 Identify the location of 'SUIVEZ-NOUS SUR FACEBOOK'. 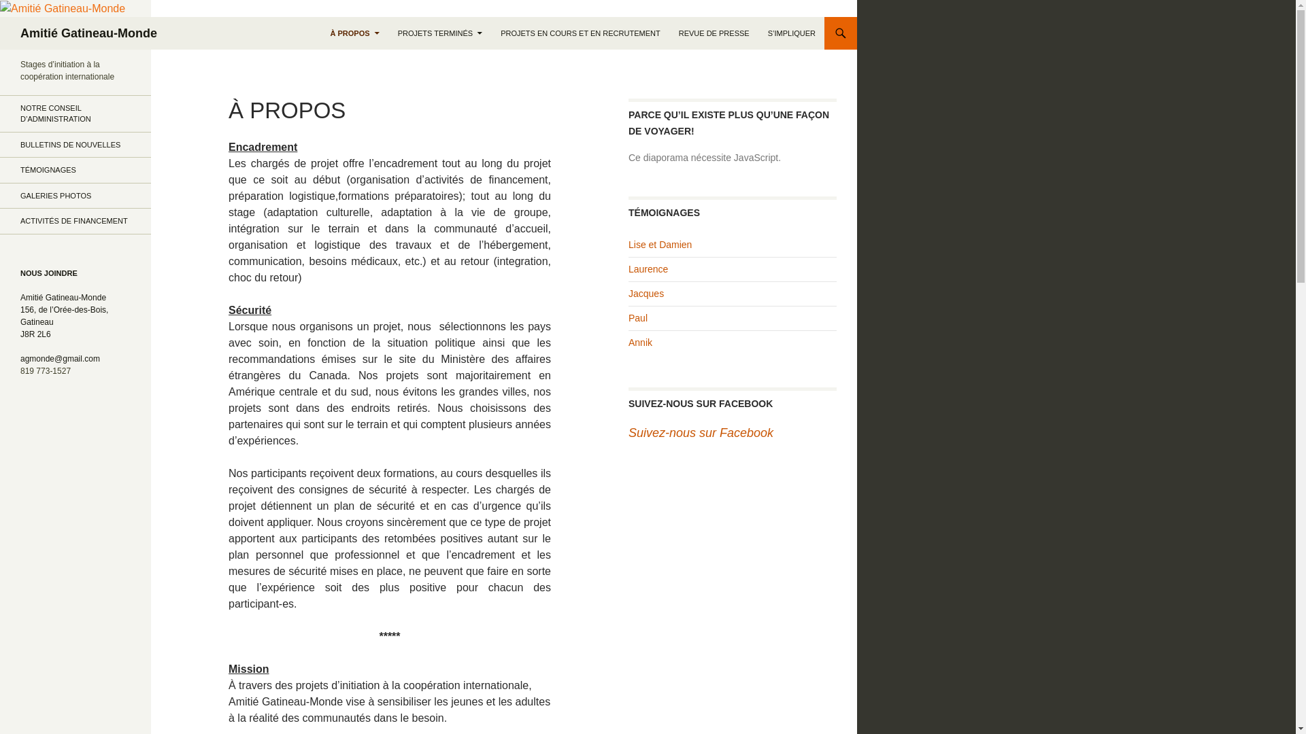
(701, 403).